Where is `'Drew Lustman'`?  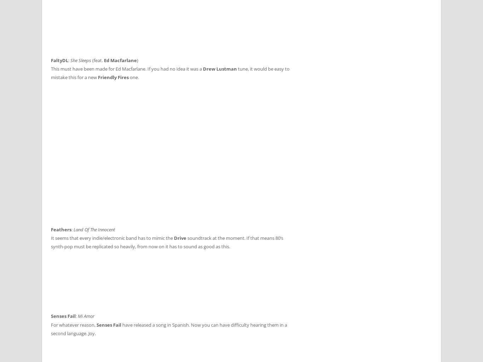
'Drew Lustman' is located at coordinates (219, 69).